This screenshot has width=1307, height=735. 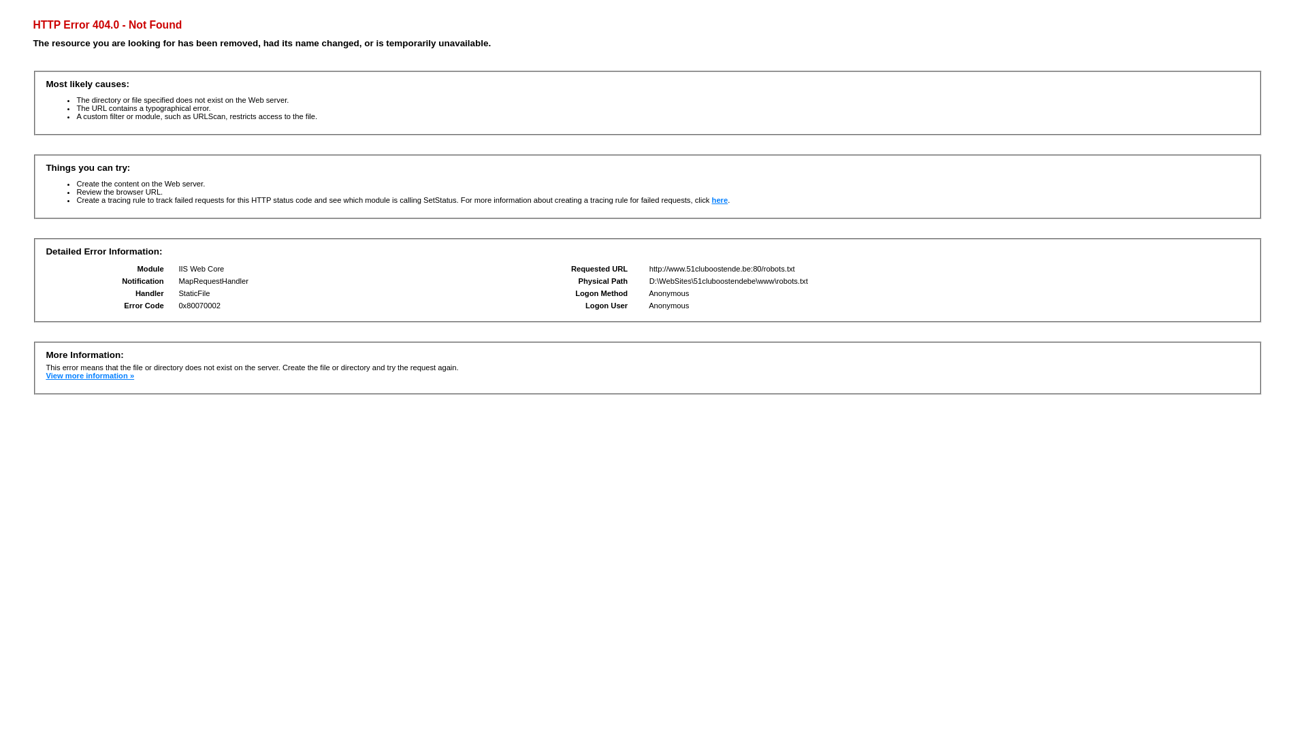 What do you see at coordinates (719, 199) in the screenshot?
I see `'here'` at bounding box center [719, 199].